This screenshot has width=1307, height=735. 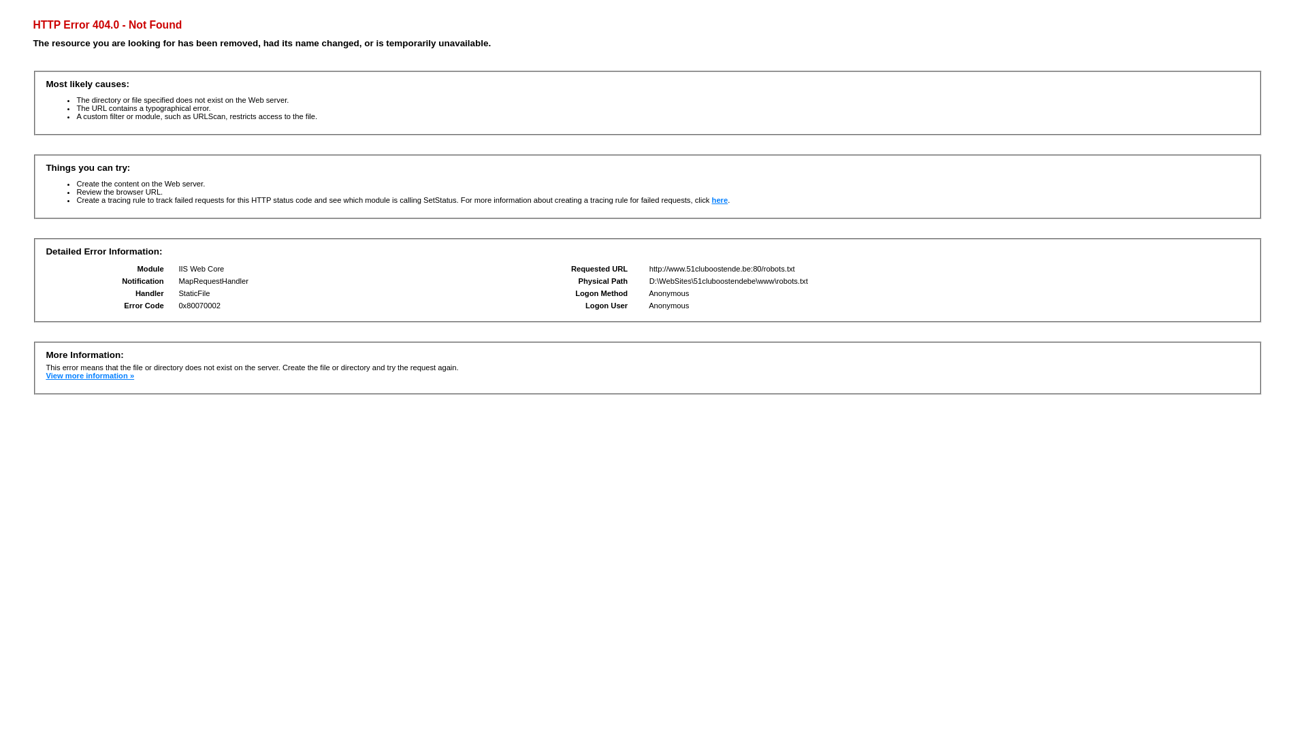 What do you see at coordinates (719, 199) in the screenshot?
I see `'here'` at bounding box center [719, 199].